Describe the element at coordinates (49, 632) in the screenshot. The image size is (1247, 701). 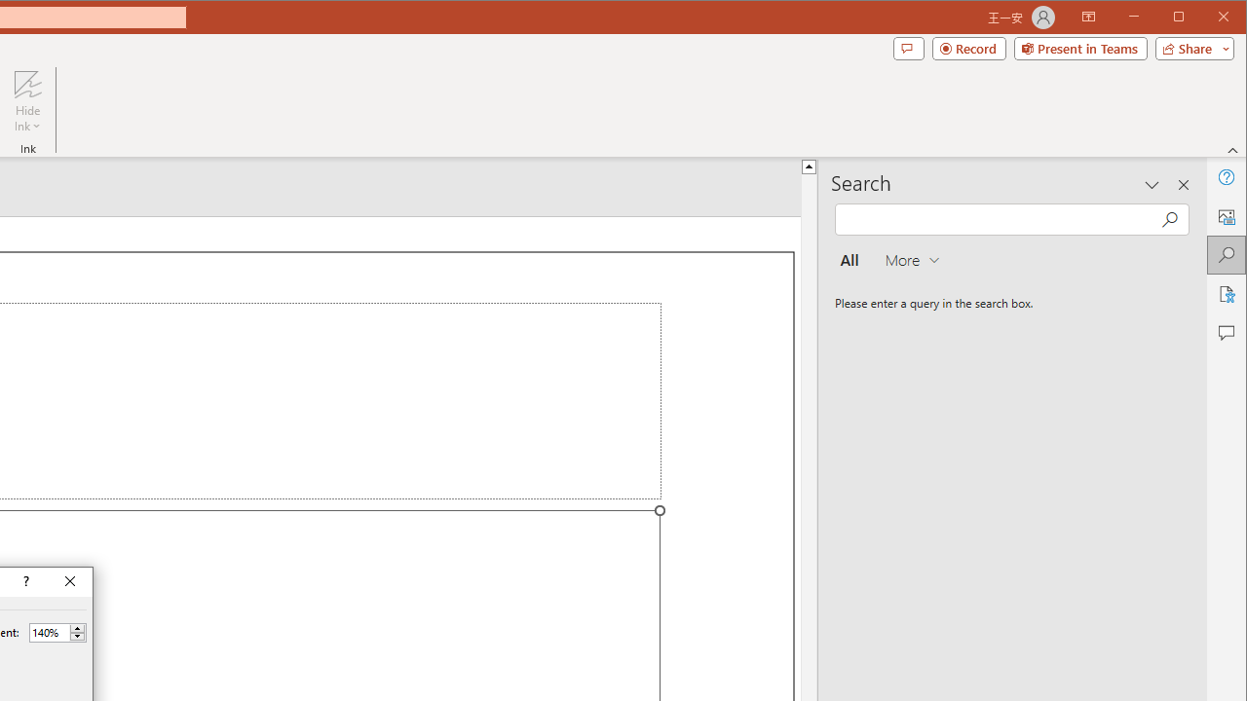
I see `'Percent'` at that location.